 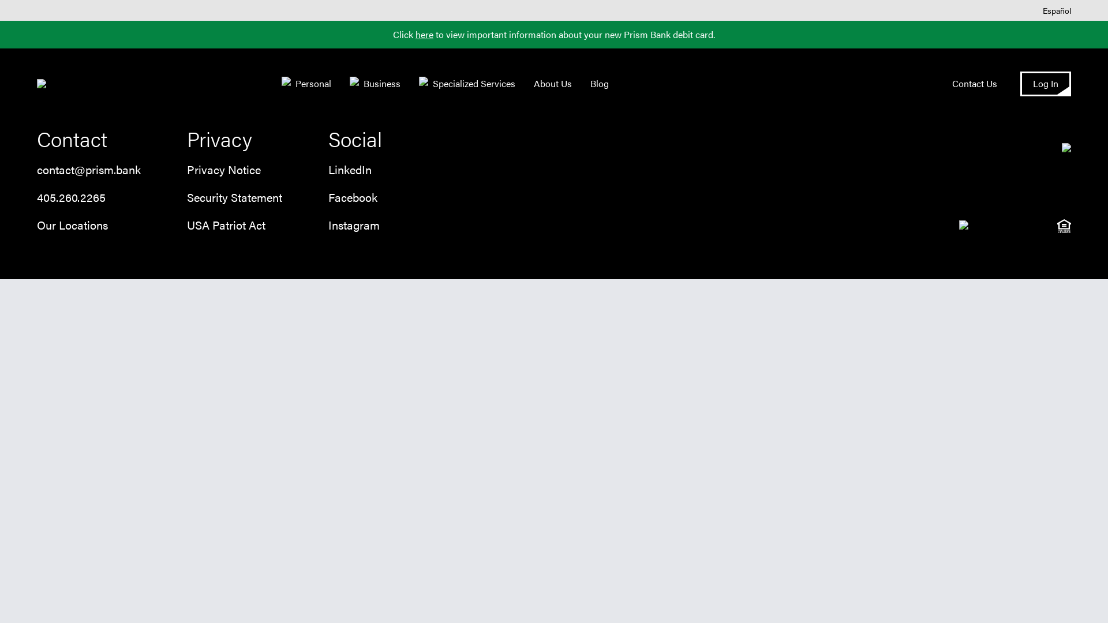 I want to click on 'here', so click(x=424, y=33).